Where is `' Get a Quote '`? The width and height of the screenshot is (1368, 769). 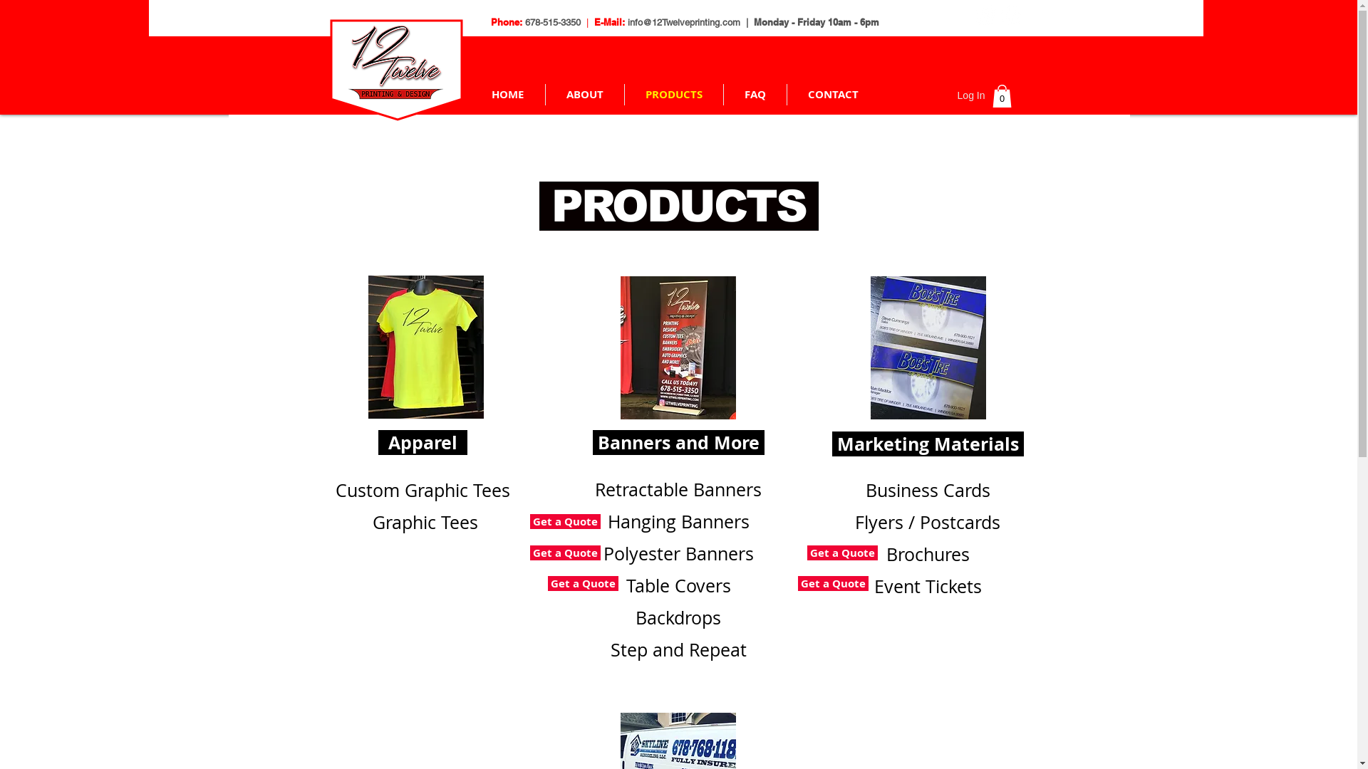 ' Get a Quote ' is located at coordinates (564, 521).